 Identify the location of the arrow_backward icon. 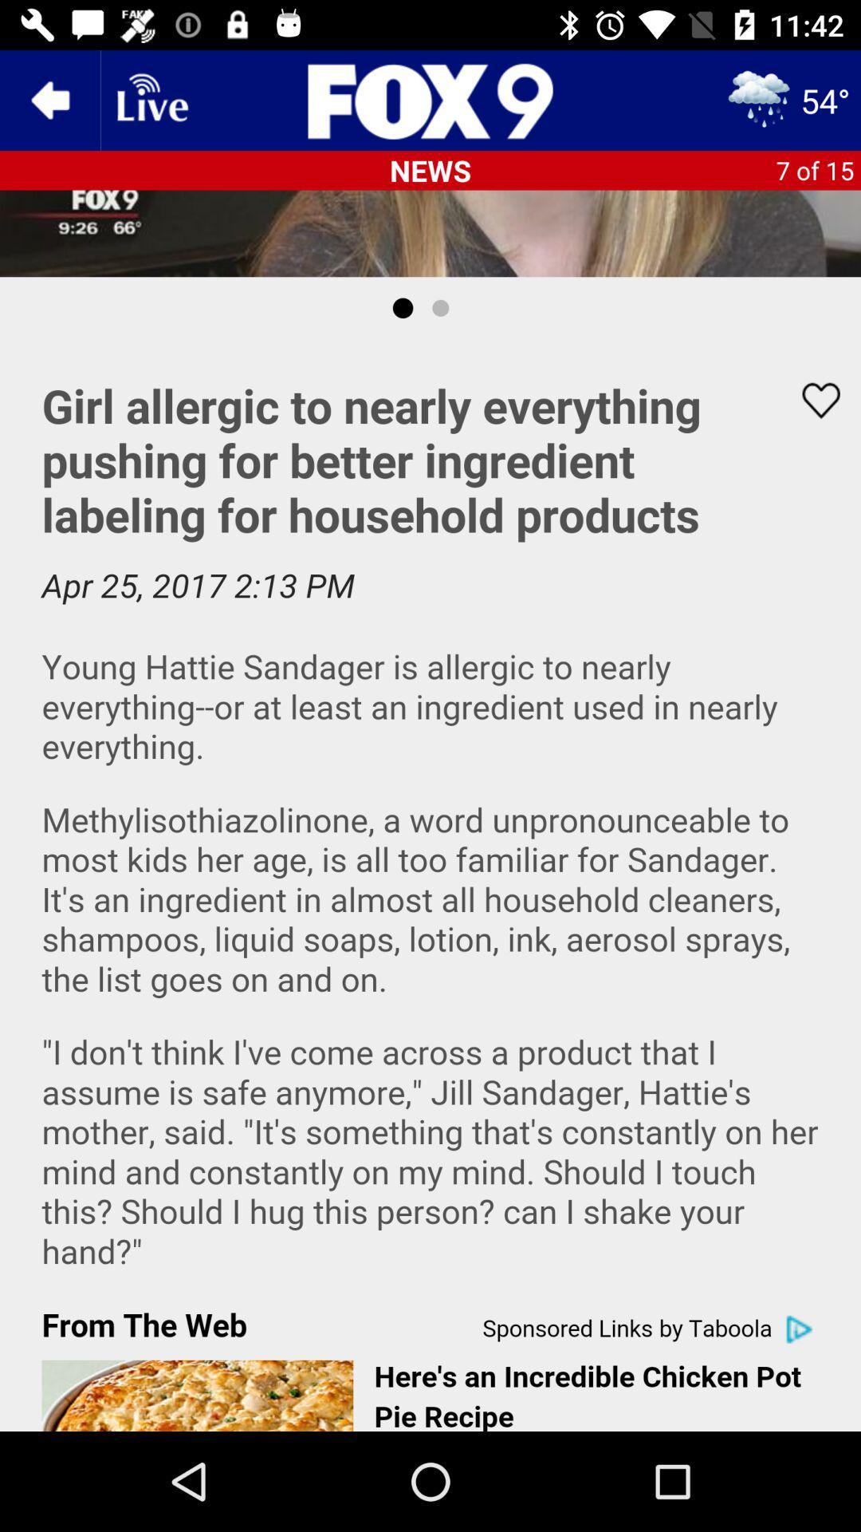
(49, 99).